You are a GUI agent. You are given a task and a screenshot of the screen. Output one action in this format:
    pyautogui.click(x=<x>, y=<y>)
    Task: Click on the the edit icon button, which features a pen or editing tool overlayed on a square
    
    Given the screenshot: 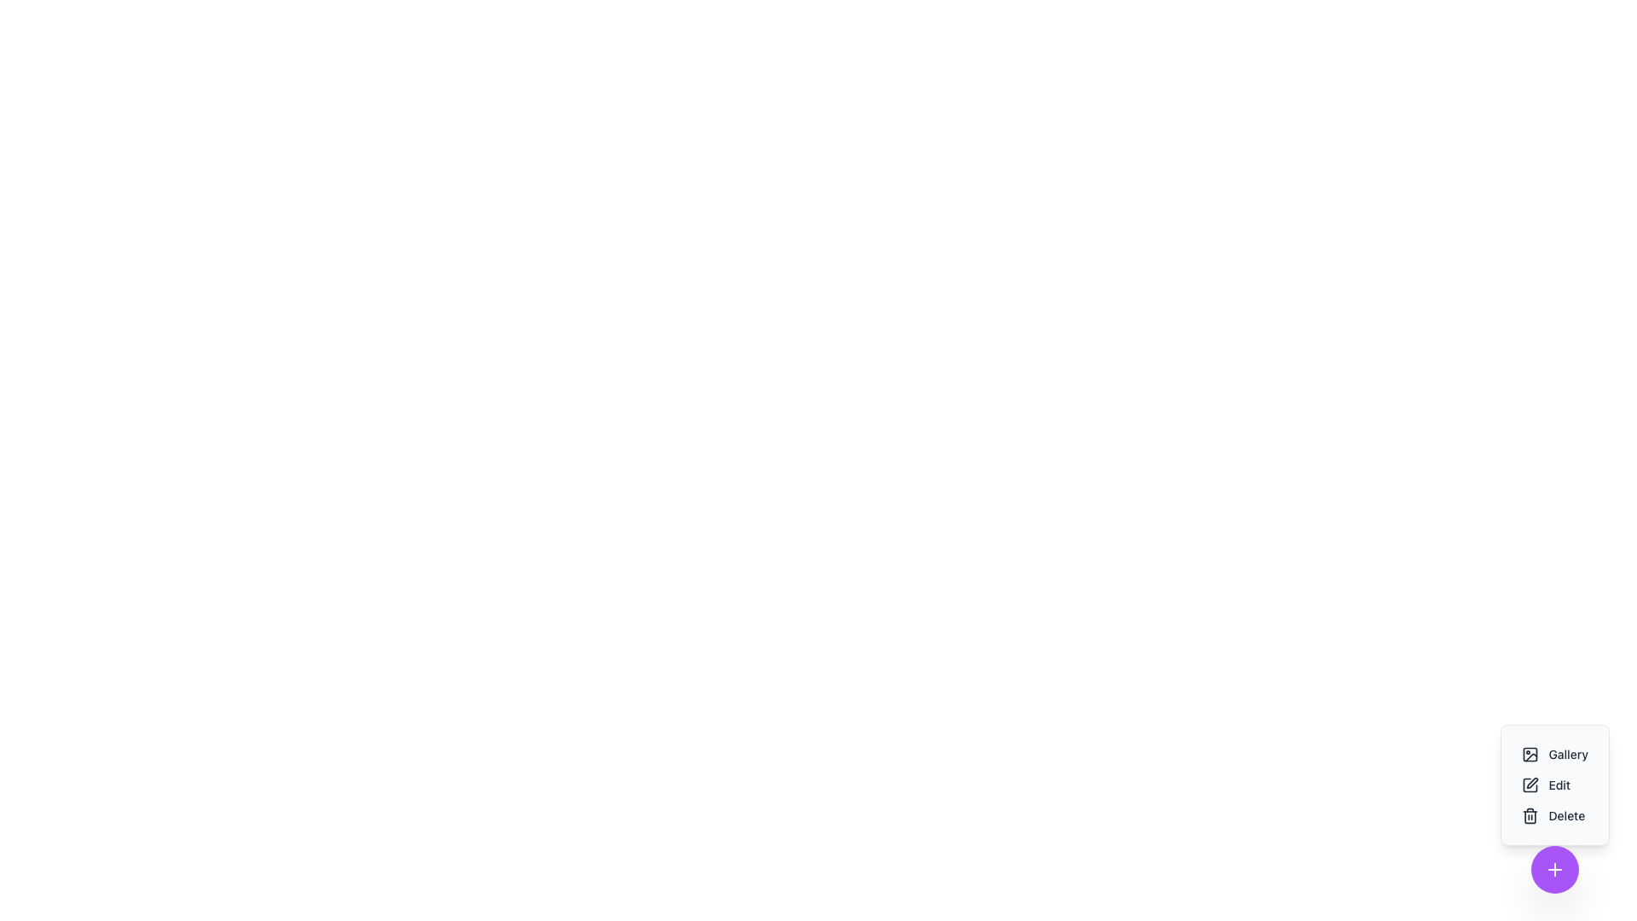 What is the action you would take?
    pyautogui.click(x=1531, y=783)
    